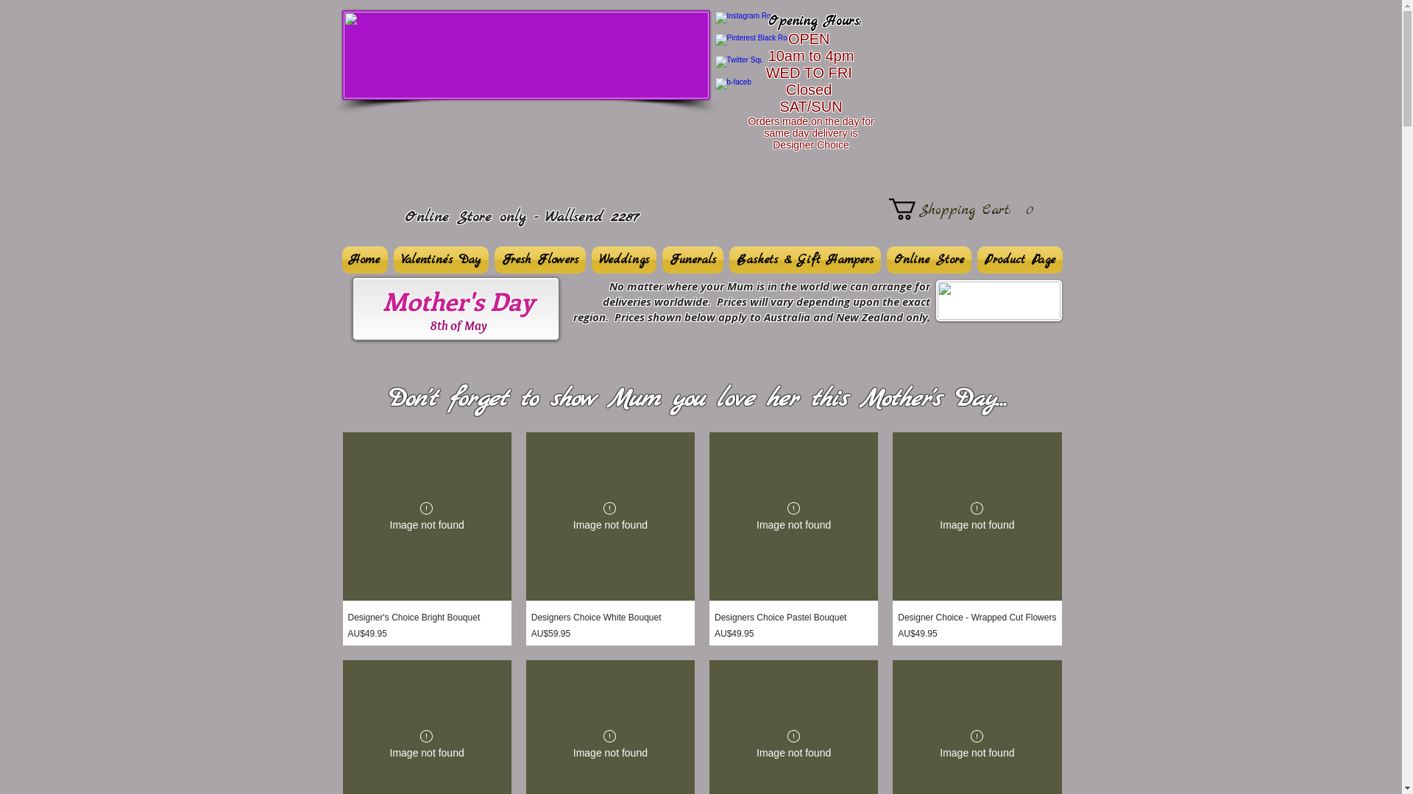 This screenshot has height=794, width=1413. What do you see at coordinates (425, 626) in the screenshot?
I see `'Designer's Choice Bright Bouquet` at bounding box center [425, 626].